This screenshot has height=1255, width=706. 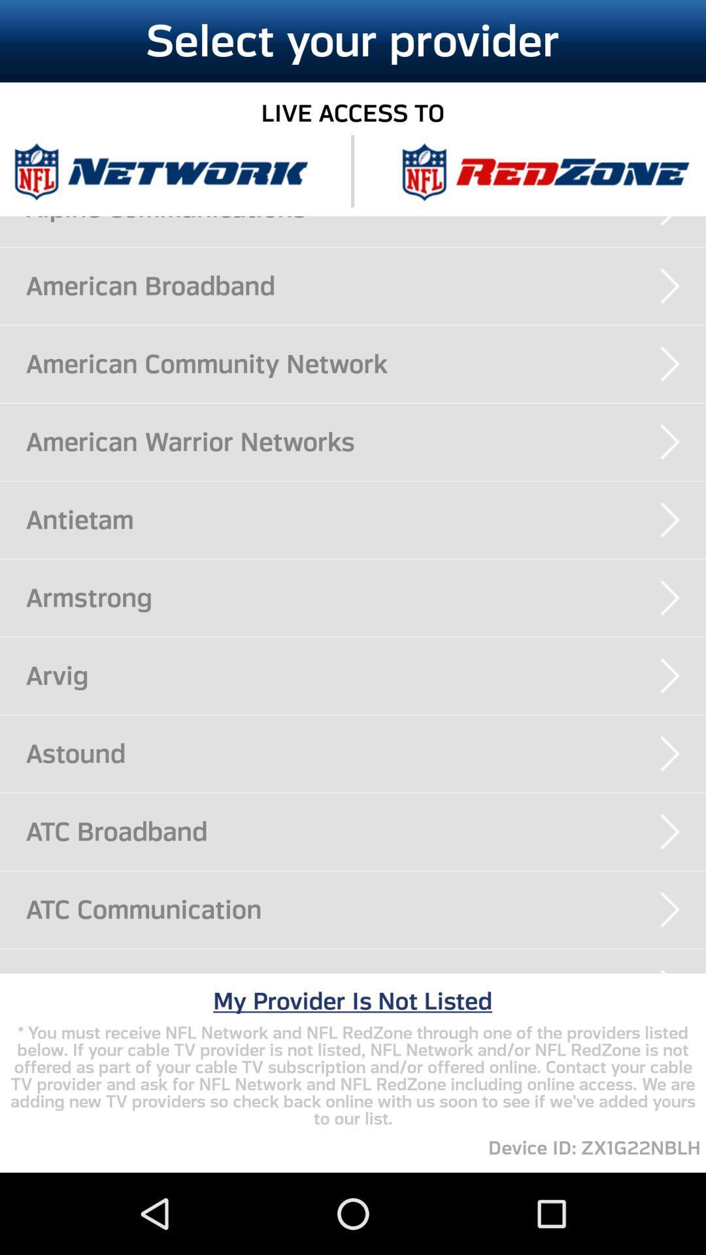 I want to click on the american broadband icon, so click(x=365, y=285).